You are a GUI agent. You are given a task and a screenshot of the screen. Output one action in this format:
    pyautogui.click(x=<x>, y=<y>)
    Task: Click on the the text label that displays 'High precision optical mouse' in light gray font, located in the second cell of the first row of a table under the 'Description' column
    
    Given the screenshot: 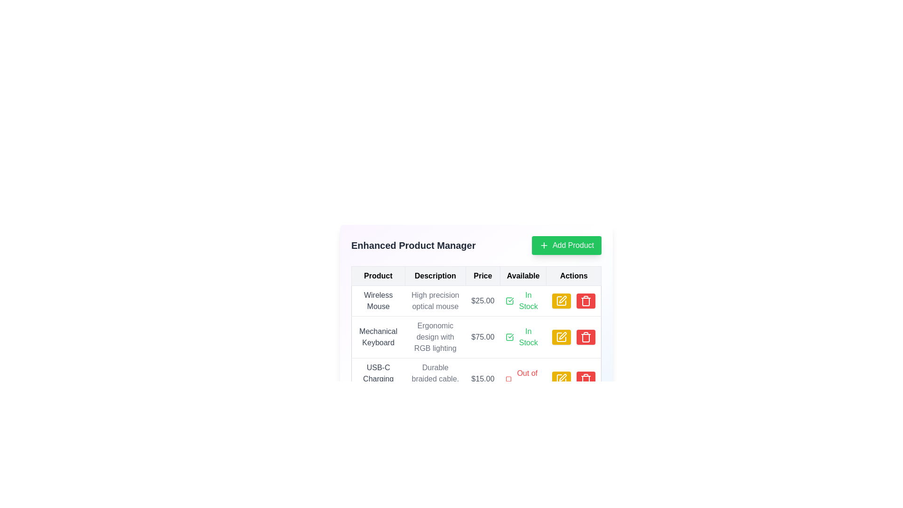 What is the action you would take?
    pyautogui.click(x=435, y=301)
    